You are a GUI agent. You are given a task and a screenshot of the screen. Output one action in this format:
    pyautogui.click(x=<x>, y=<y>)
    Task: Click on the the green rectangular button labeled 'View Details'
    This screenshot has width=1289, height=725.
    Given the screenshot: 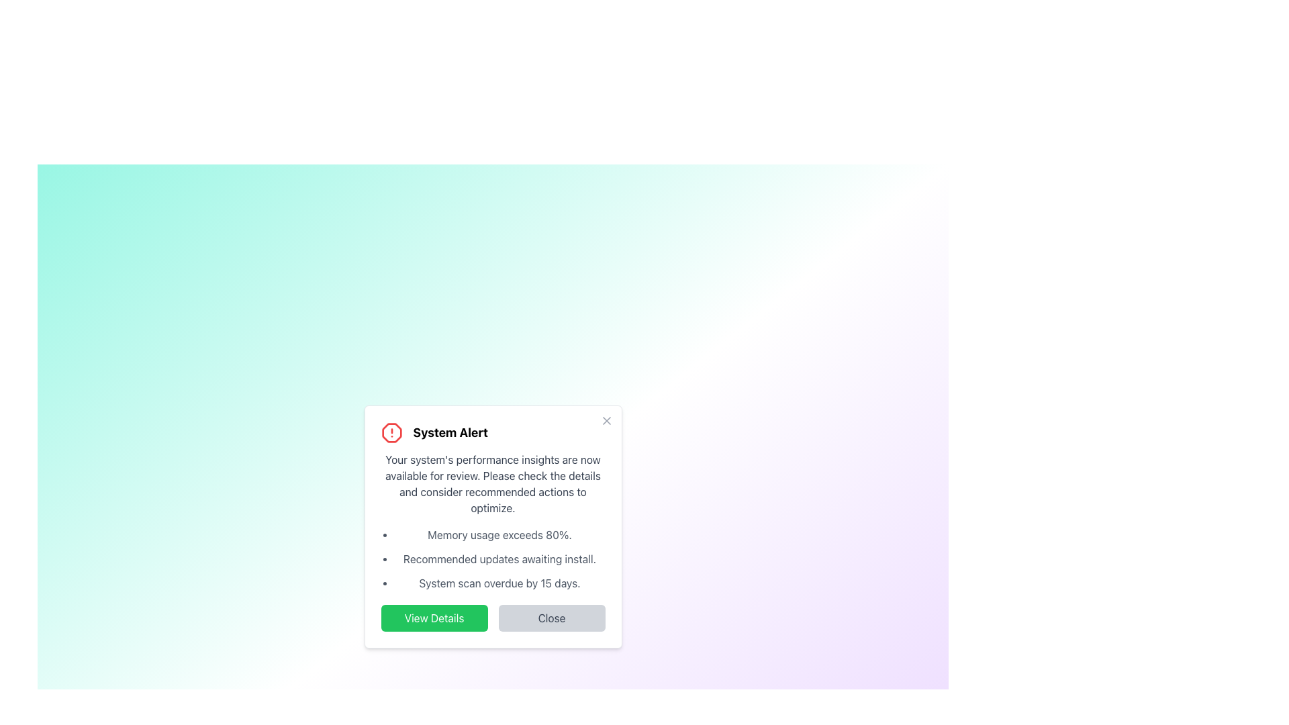 What is the action you would take?
    pyautogui.click(x=434, y=618)
    